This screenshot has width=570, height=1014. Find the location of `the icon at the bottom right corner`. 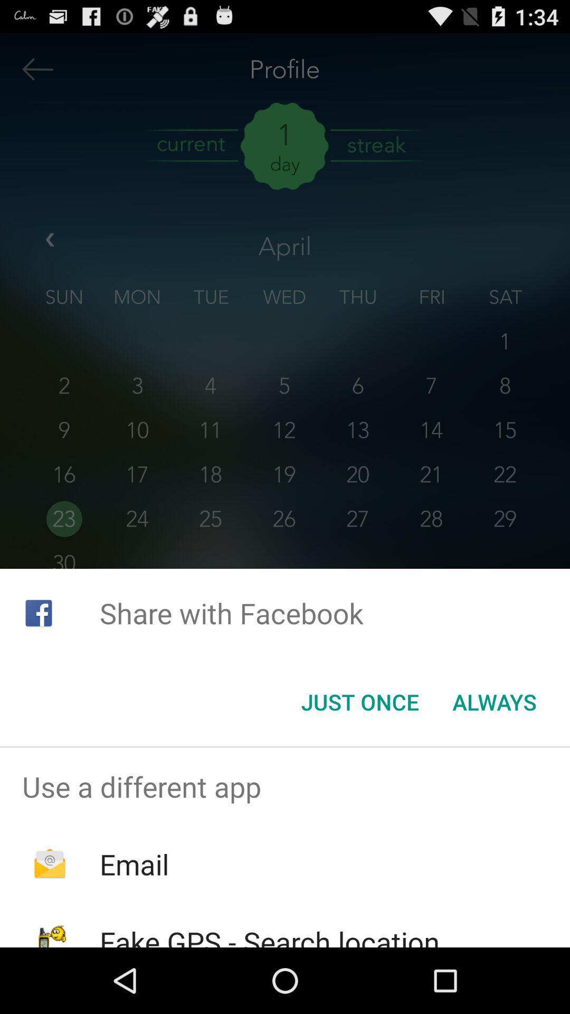

the icon at the bottom right corner is located at coordinates (495, 702).